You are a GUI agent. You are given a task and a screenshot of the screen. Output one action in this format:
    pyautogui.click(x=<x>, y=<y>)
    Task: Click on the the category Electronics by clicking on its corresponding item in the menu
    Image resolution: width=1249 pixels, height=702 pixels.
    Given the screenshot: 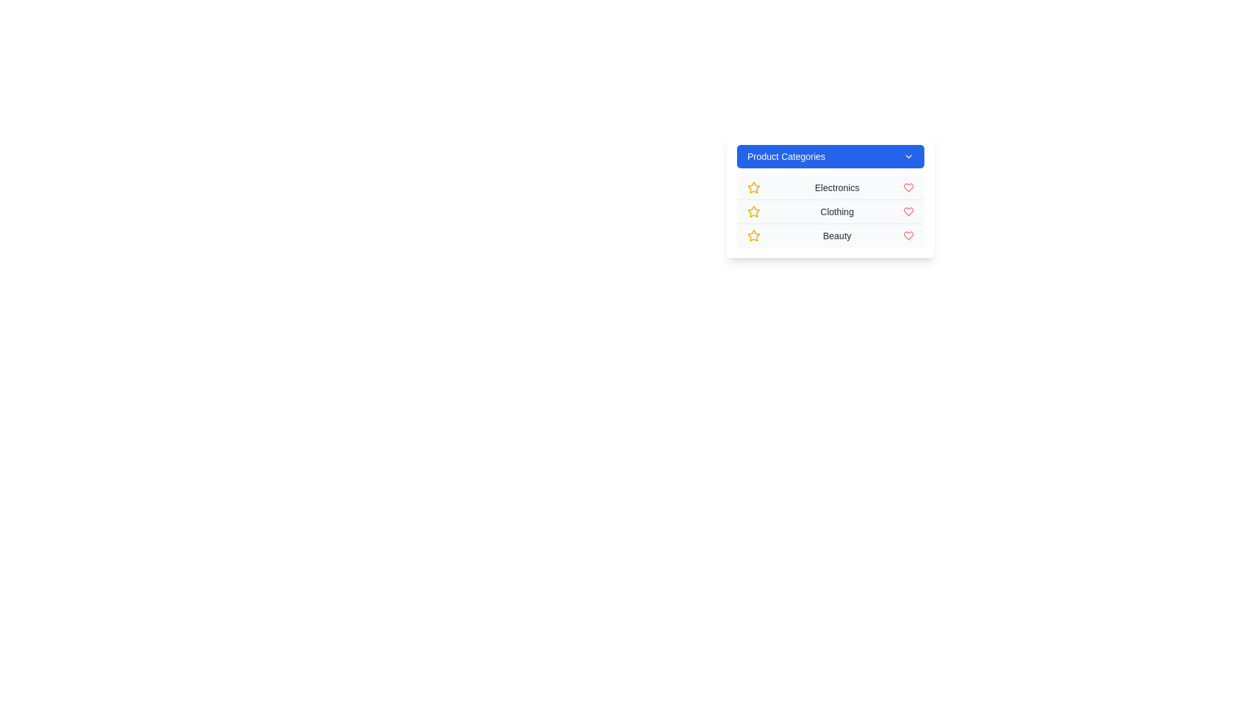 What is the action you would take?
    pyautogui.click(x=829, y=188)
    